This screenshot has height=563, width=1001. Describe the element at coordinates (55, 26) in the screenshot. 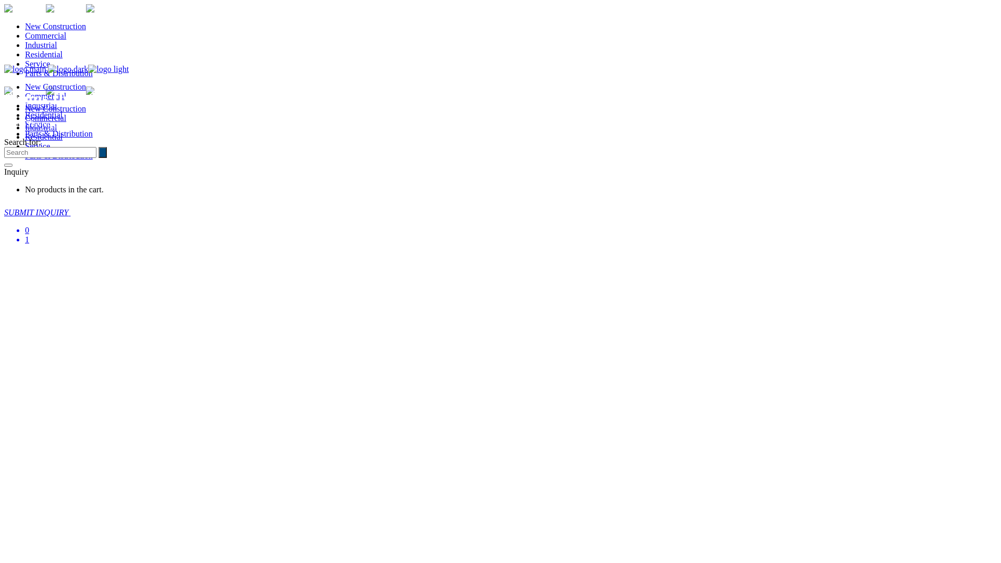

I see `'New Construction'` at that location.